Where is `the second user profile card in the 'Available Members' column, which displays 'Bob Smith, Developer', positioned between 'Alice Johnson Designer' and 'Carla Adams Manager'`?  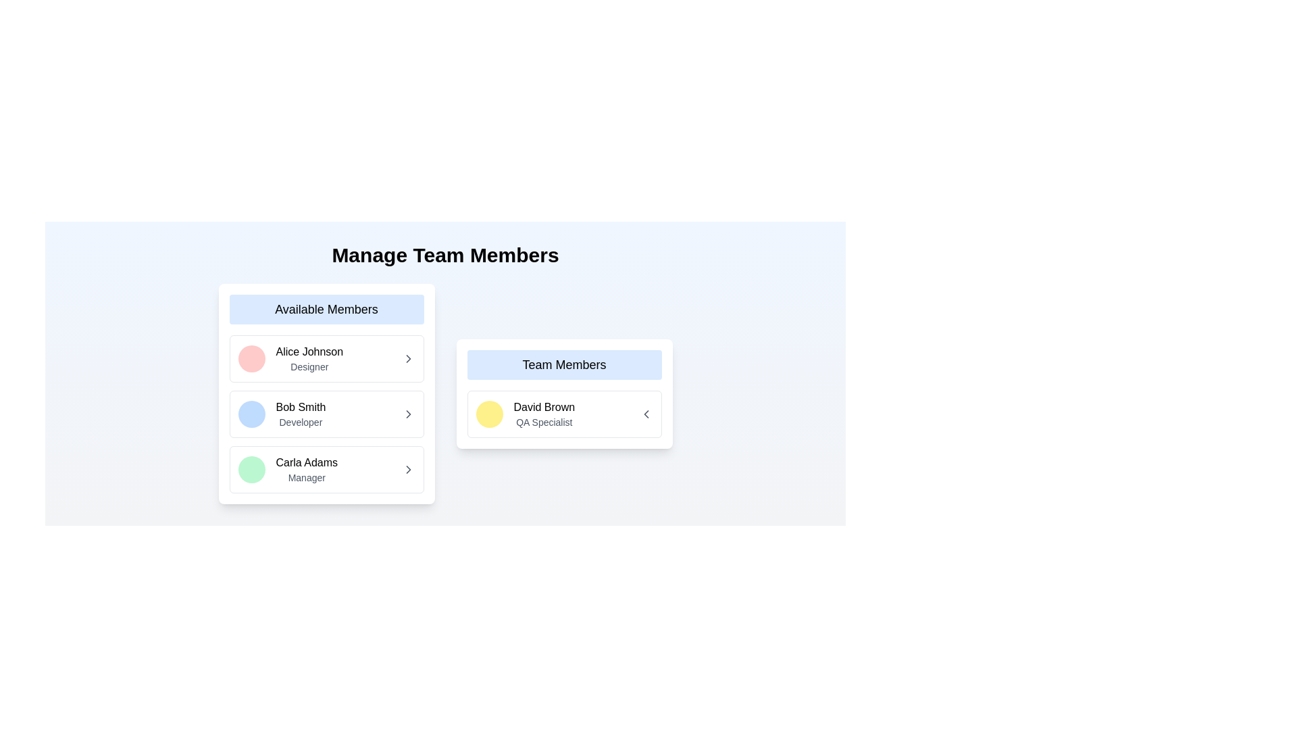
the second user profile card in the 'Available Members' column, which displays 'Bob Smith, Developer', positioned between 'Alice Johnson Designer' and 'Carla Adams Manager' is located at coordinates (281, 414).